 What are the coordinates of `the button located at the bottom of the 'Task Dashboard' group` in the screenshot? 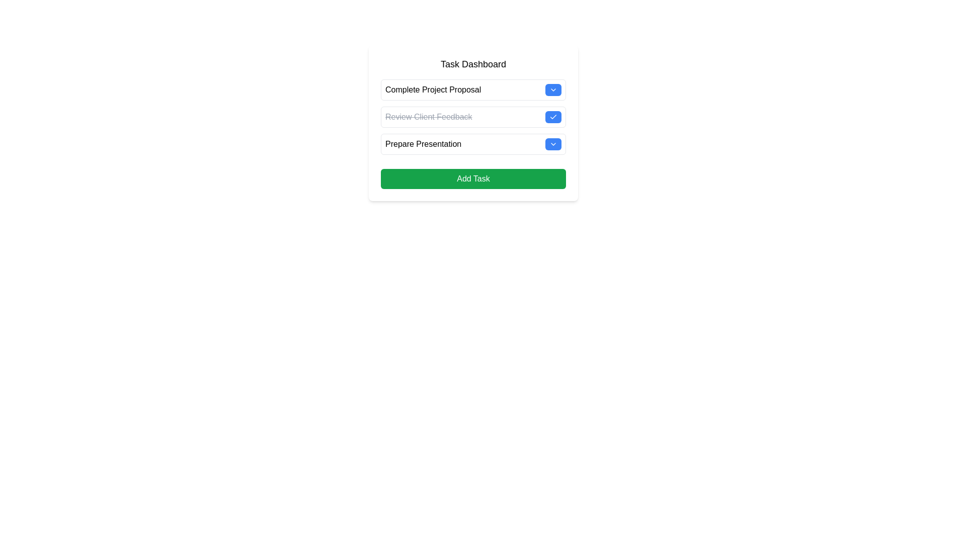 It's located at (472, 178).